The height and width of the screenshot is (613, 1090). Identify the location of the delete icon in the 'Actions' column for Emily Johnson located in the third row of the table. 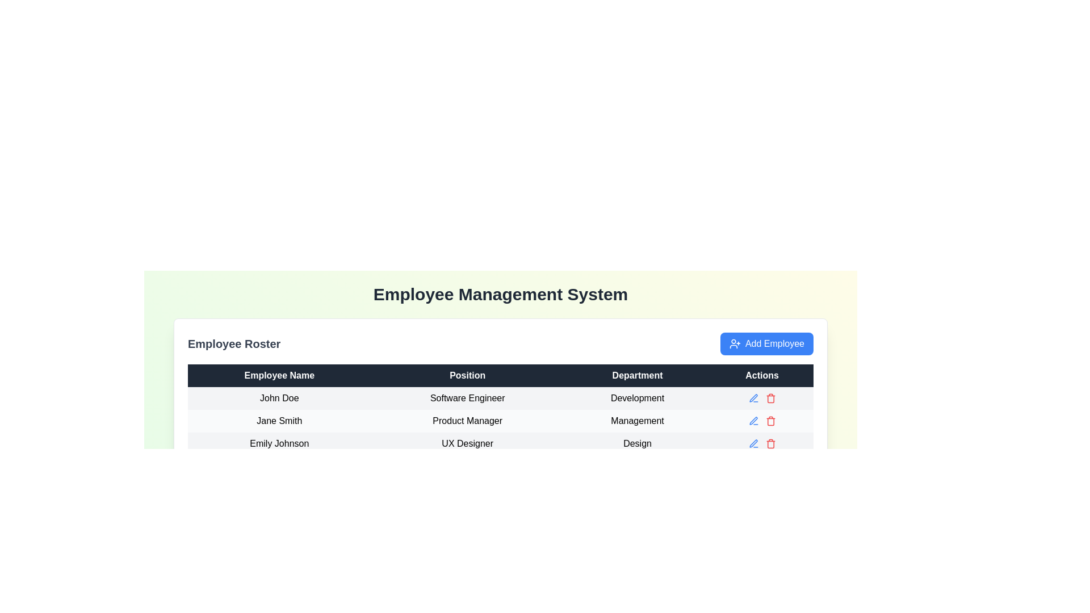
(770, 443).